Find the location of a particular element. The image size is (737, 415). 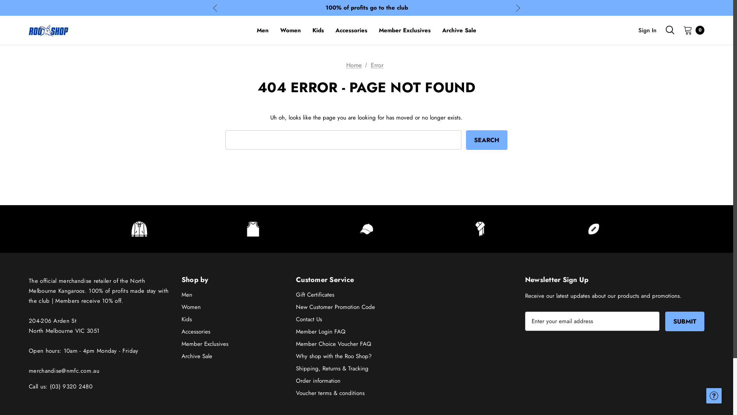

'New Customer Promotion Code' is located at coordinates (335, 306).